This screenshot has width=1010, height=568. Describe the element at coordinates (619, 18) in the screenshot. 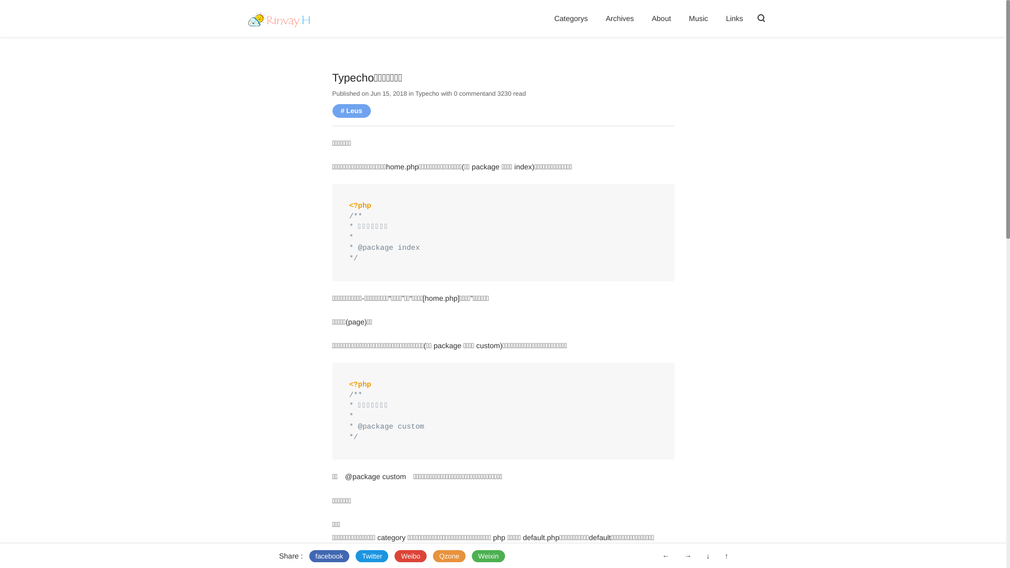

I see `'Archives'` at that location.